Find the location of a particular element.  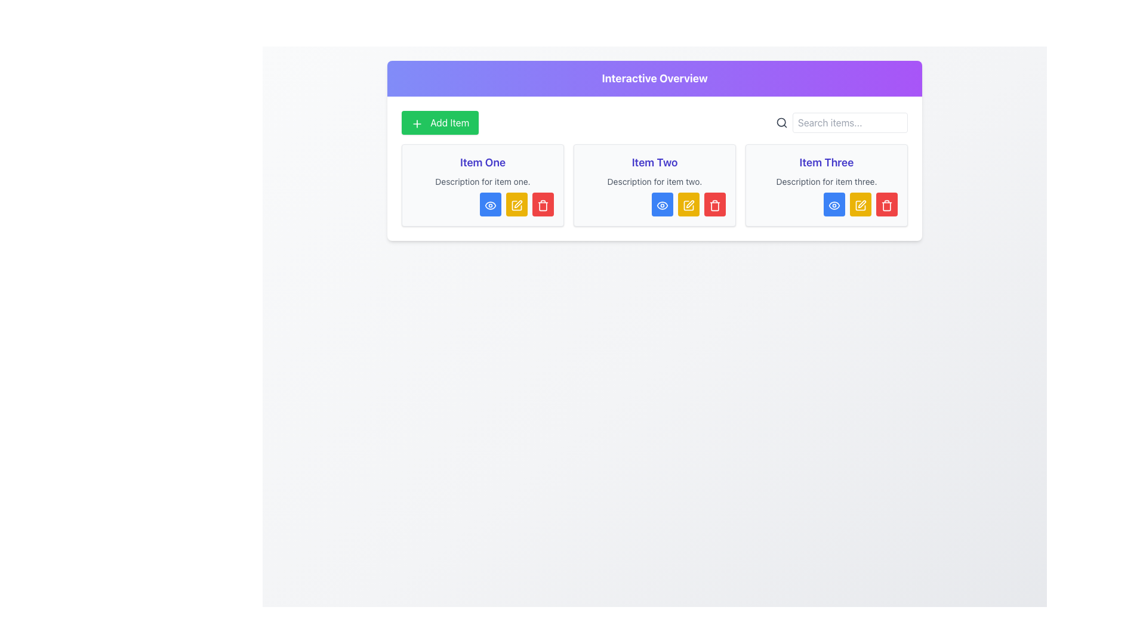

the pen icon within the second button of the 'Item One' card to initiate editing is located at coordinates (518, 203).